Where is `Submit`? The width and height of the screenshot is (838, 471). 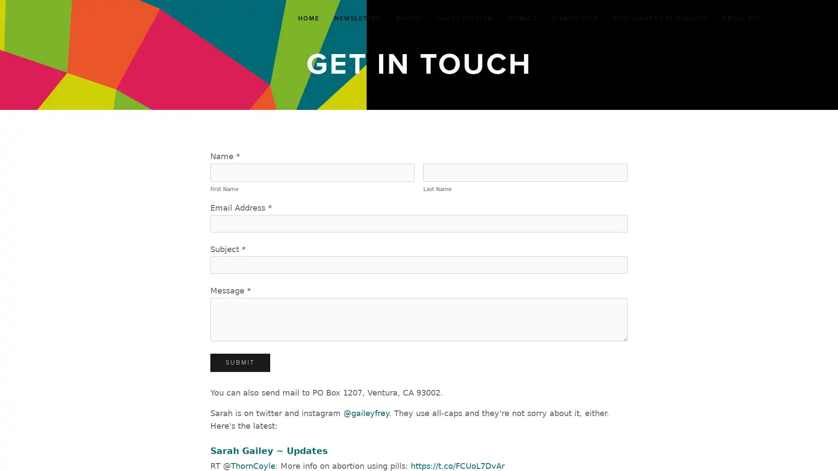
Submit is located at coordinates (240, 363).